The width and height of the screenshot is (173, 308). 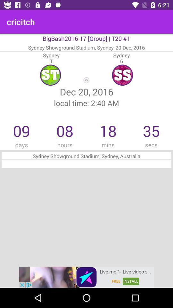 What do you see at coordinates (50, 75) in the screenshot?
I see `text left to ss` at bounding box center [50, 75].